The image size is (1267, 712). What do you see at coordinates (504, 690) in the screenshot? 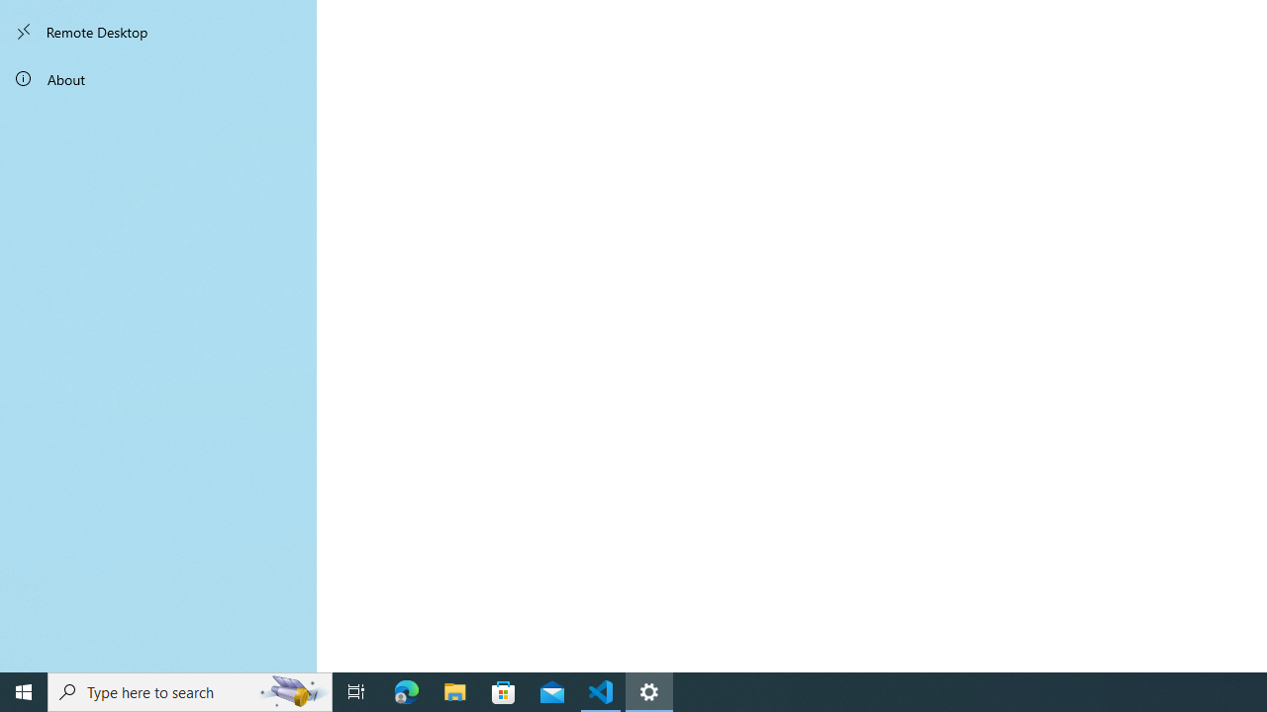
I see `'Microsoft Store'` at bounding box center [504, 690].